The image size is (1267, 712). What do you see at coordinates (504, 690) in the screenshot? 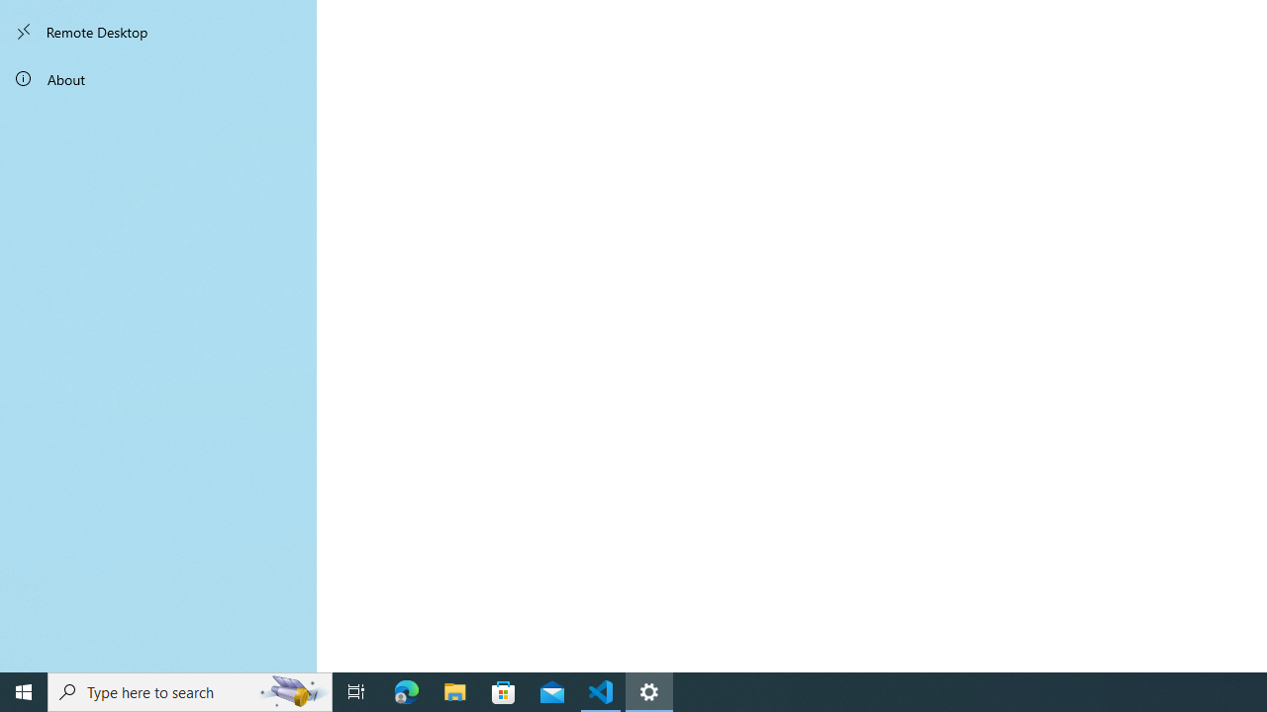
I see `'Microsoft Store'` at bounding box center [504, 690].